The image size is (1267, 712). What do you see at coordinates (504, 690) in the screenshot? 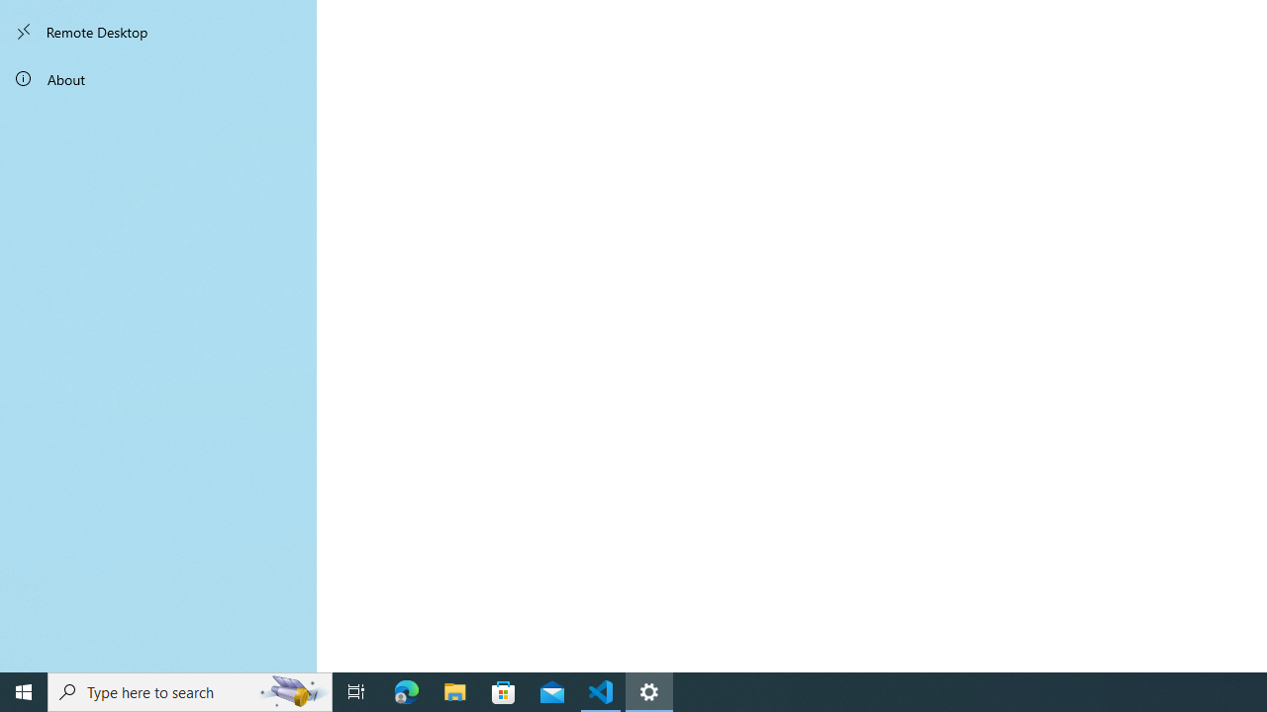
I see `'Microsoft Store'` at bounding box center [504, 690].